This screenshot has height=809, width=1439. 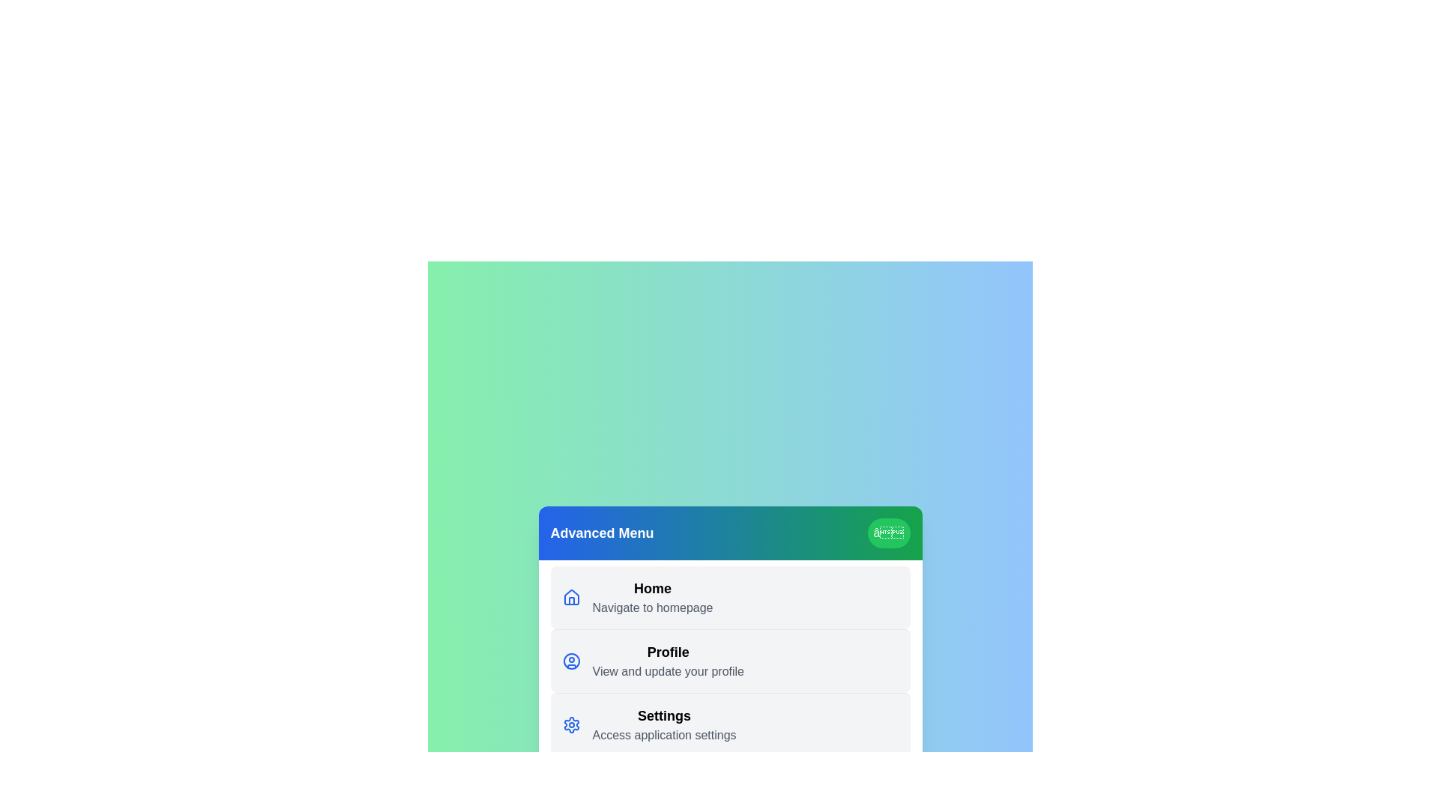 What do you see at coordinates (888, 533) in the screenshot?
I see `button labeled '−' to toggle the menu visibility` at bounding box center [888, 533].